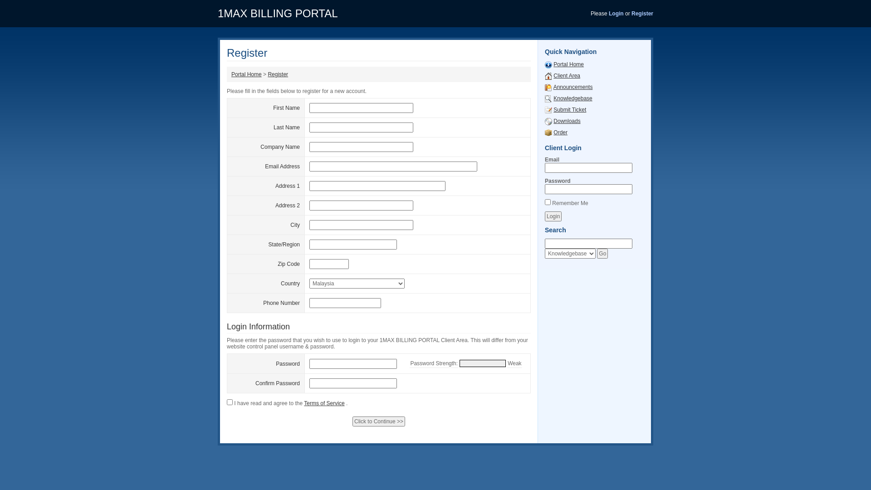 Image resolution: width=871 pixels, height=490 pixels. I want to click on 'Knowledgebase', so click(548, 98).